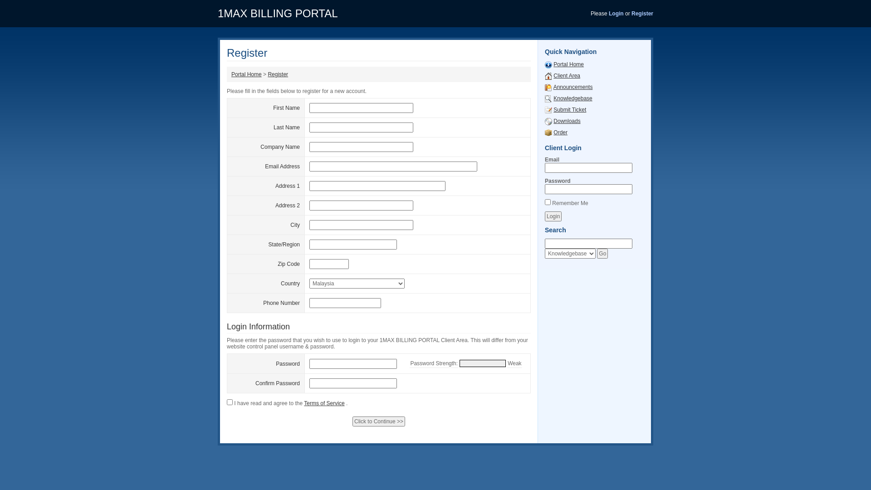 Image resolution: width=871 pixels, height=490 pixels. I want to click on 'Knowledgebase', so click(548, 98).